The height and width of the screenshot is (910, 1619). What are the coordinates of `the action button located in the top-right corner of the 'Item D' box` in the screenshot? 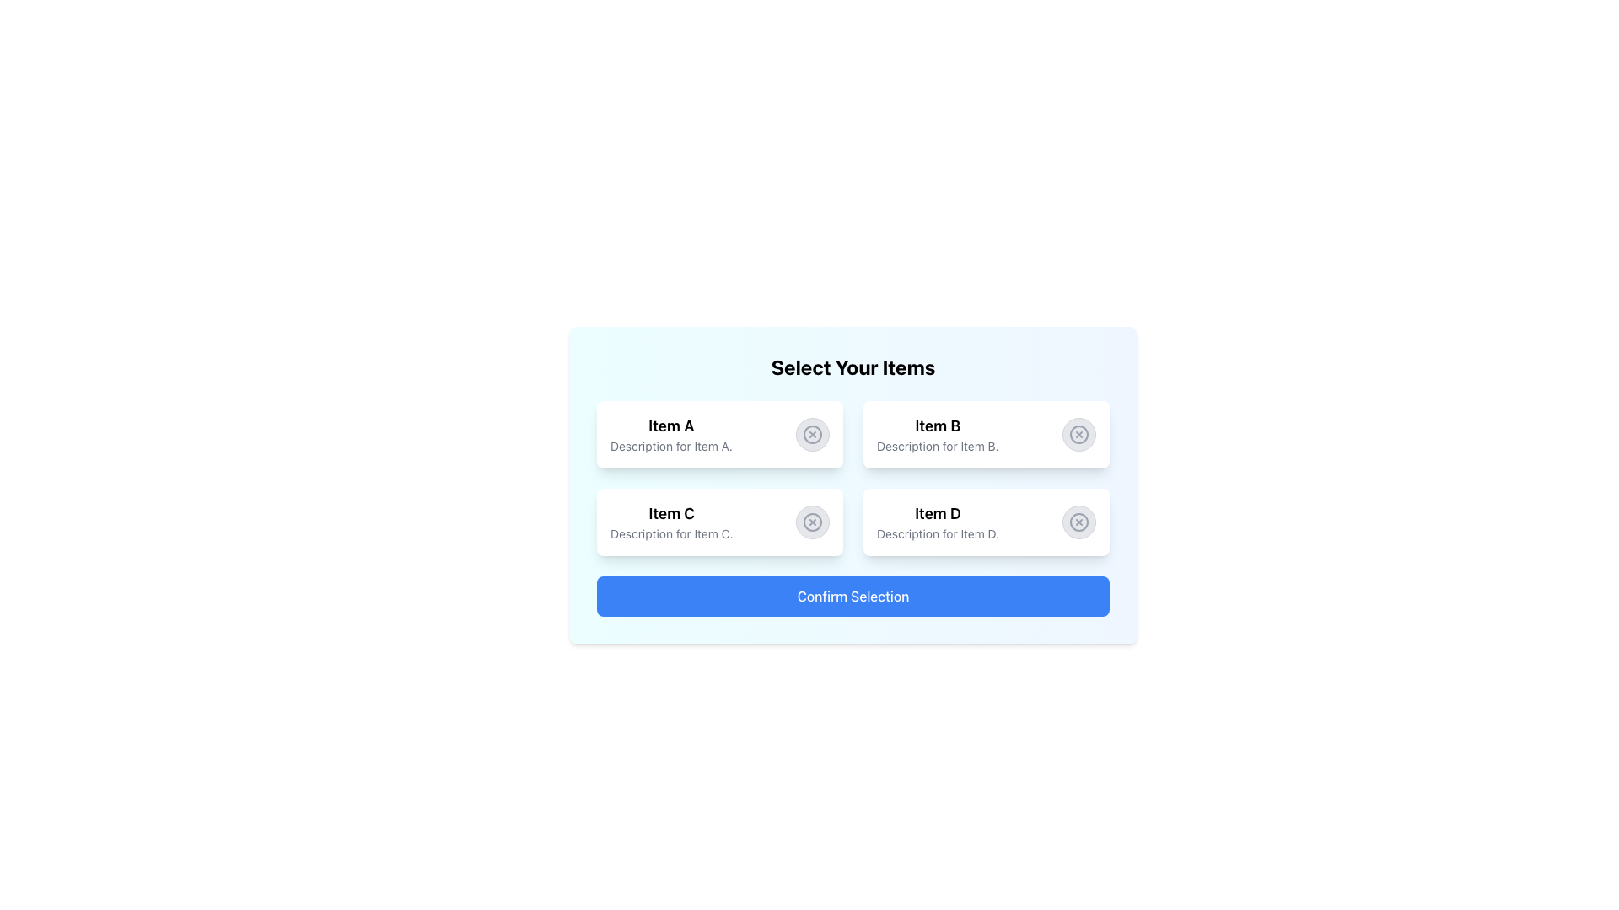 It's located at (1079, 522).